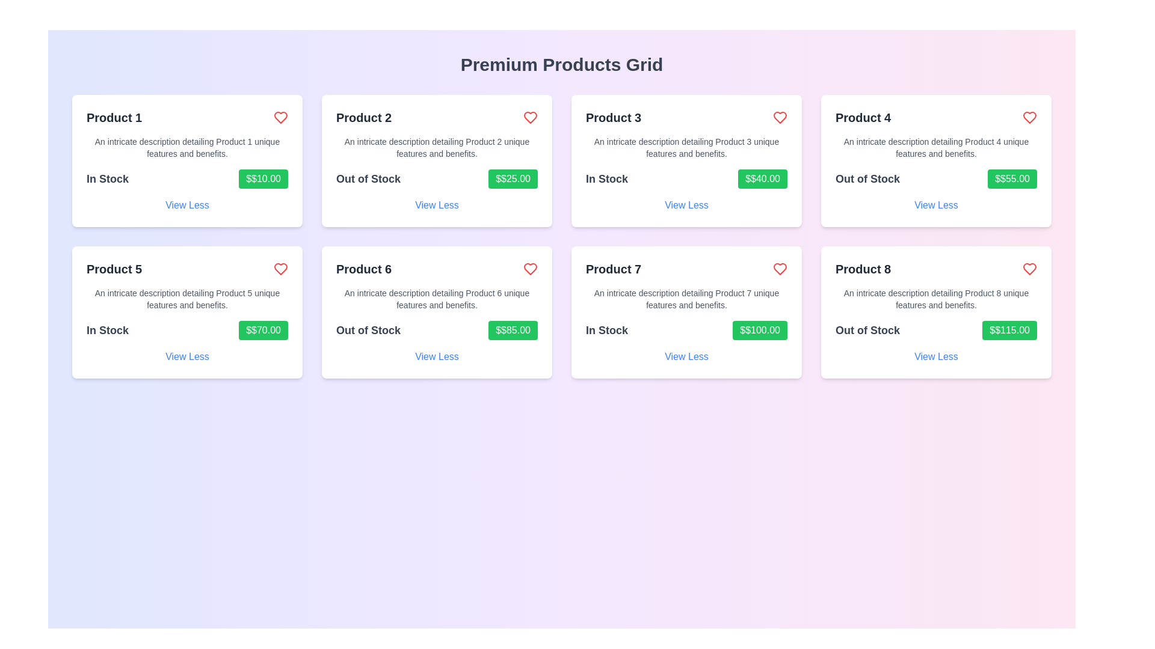 This screenshot has height=649, width=1155. What do you see at coordinates (280, 268) in the screenshot?
I see `the interactive favorite icon located in the top-right corner of the card for 'Product 1' to mark it as a favorite` at bounding box center [280, 268].